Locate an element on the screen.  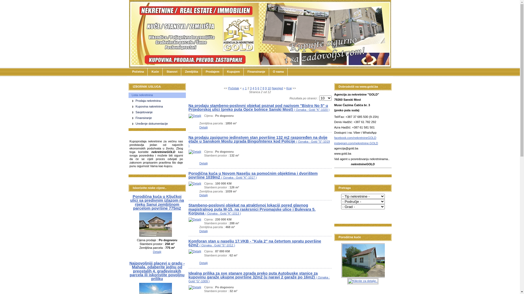
'Detalji' is located at coordinates (203, 231).